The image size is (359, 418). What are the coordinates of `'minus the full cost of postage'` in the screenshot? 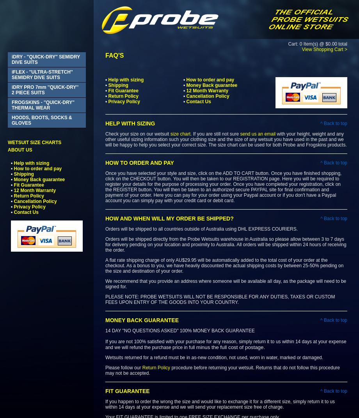 It's located at (229, 347).